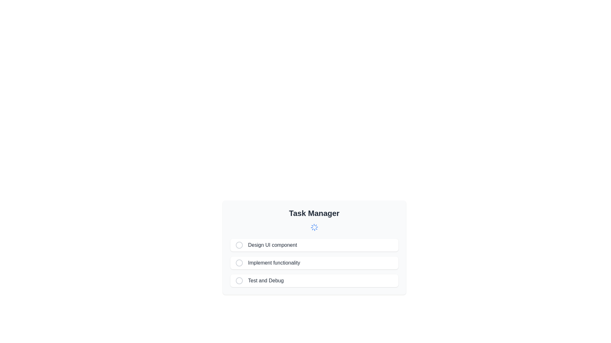 Image resolution: width=611 pixels, height=343 pixels. Describe the element at coordinates (239, 280) in the screenshot. I see `the third selectable radio button labeled 'Test and Debug'` at that location.